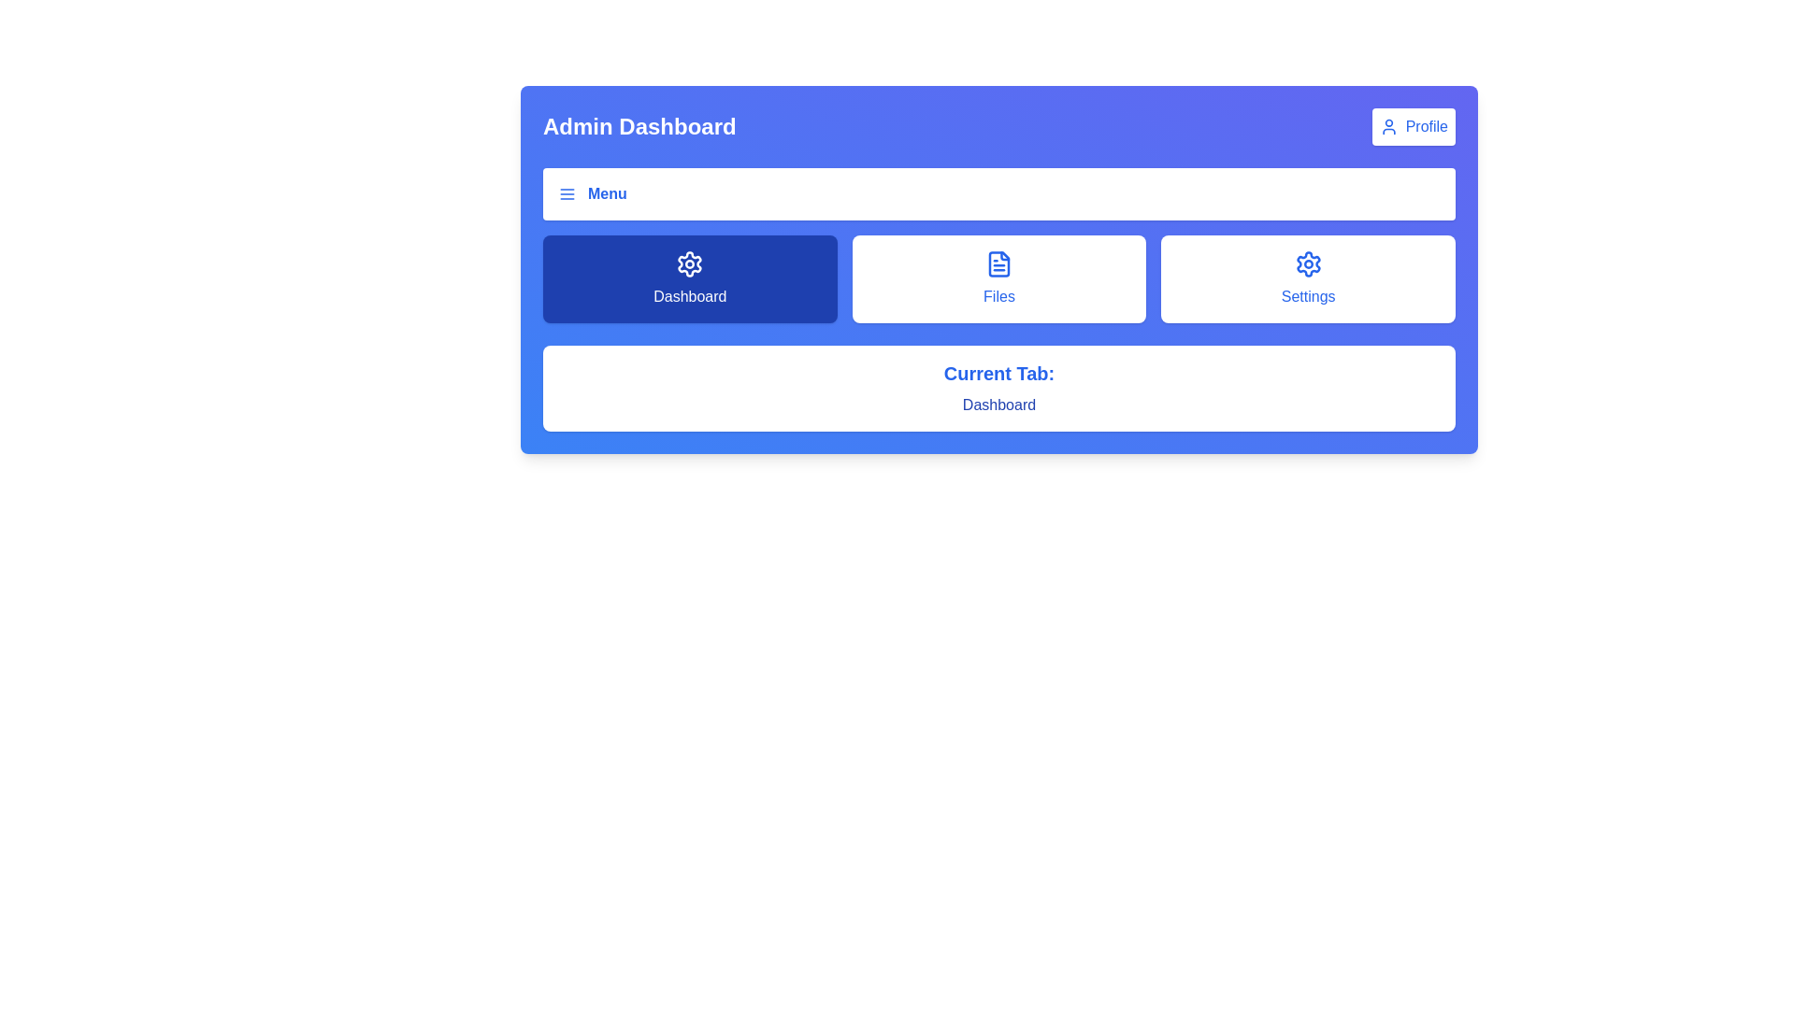 This screenshot has height=1009, width=1795. I want to click on the file management icon located in the Files section of the navigation bar, positioned between the Dashboard and Settings sections, so click(998, 263).